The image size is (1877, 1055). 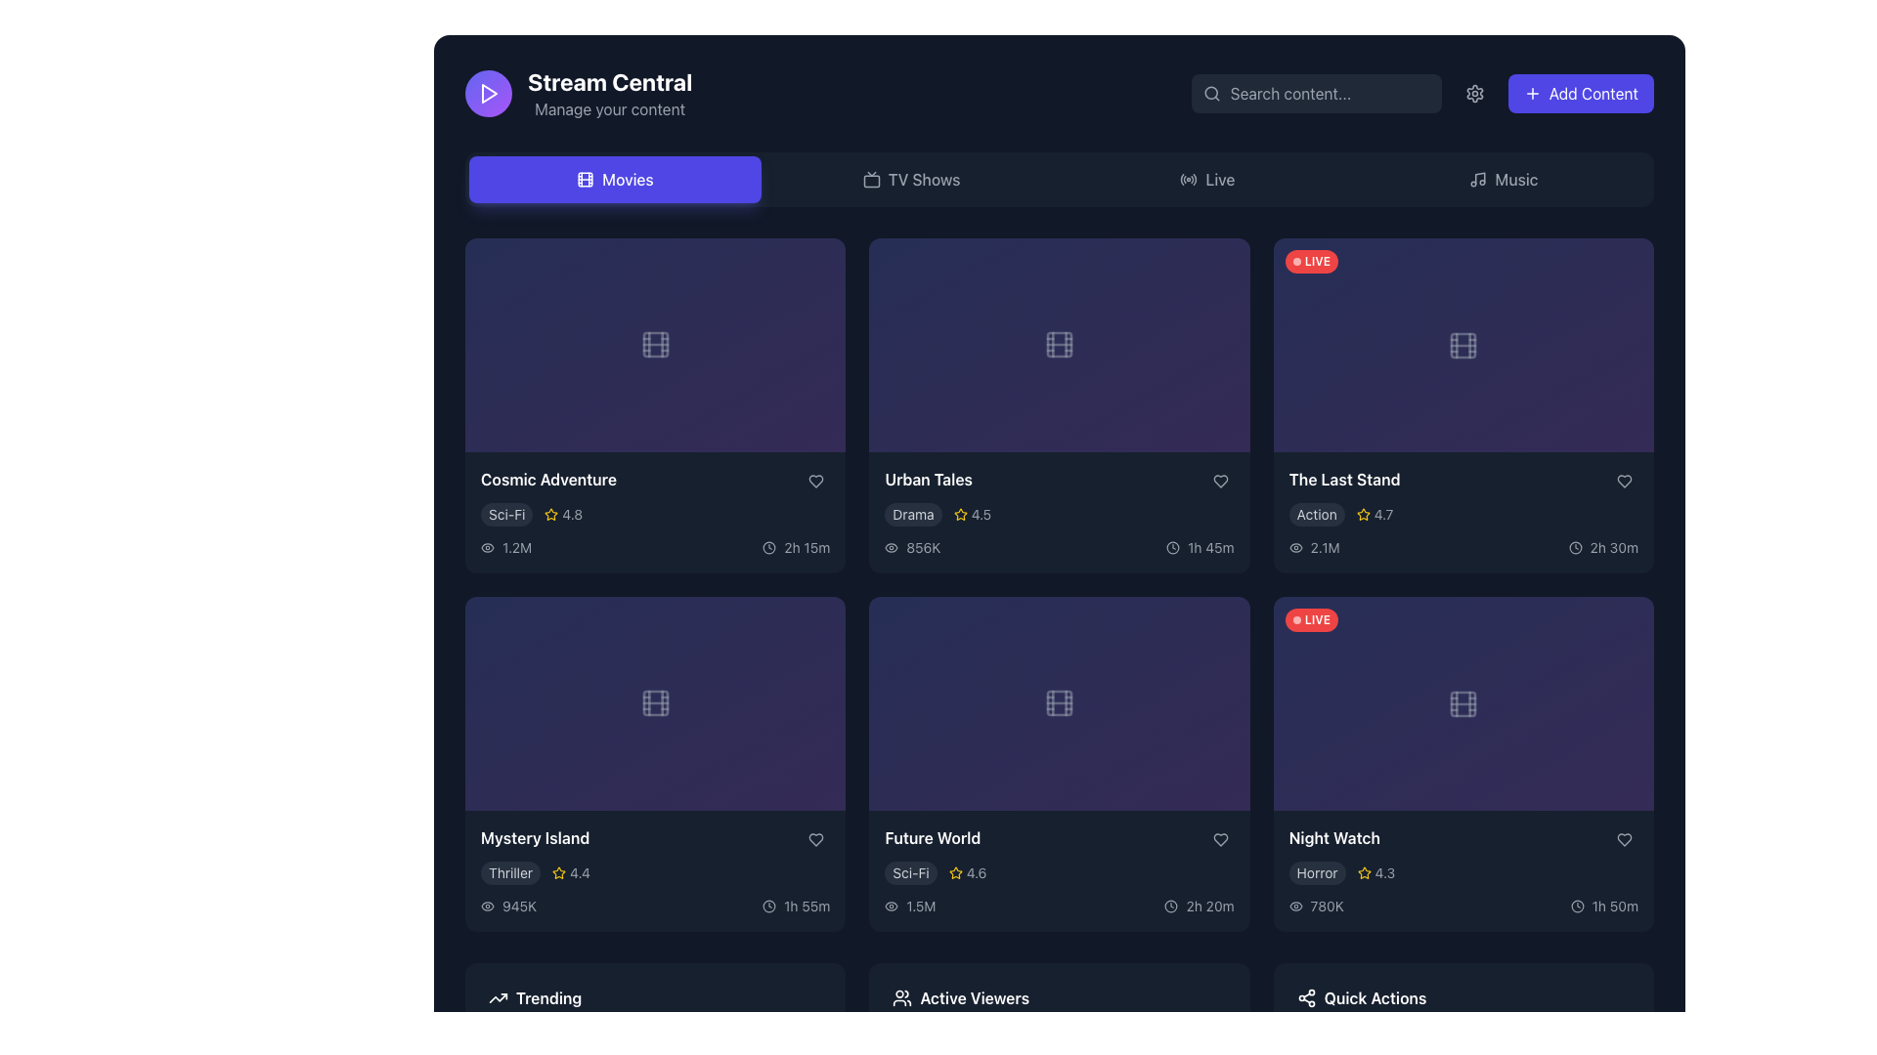 What do you see at coordinates (816, 839) in the screenshot?
I see `the favorite button located at the top-right of the 'Mystery Island' movie card to mark it as a favorite` at bounding box center [816, 839].